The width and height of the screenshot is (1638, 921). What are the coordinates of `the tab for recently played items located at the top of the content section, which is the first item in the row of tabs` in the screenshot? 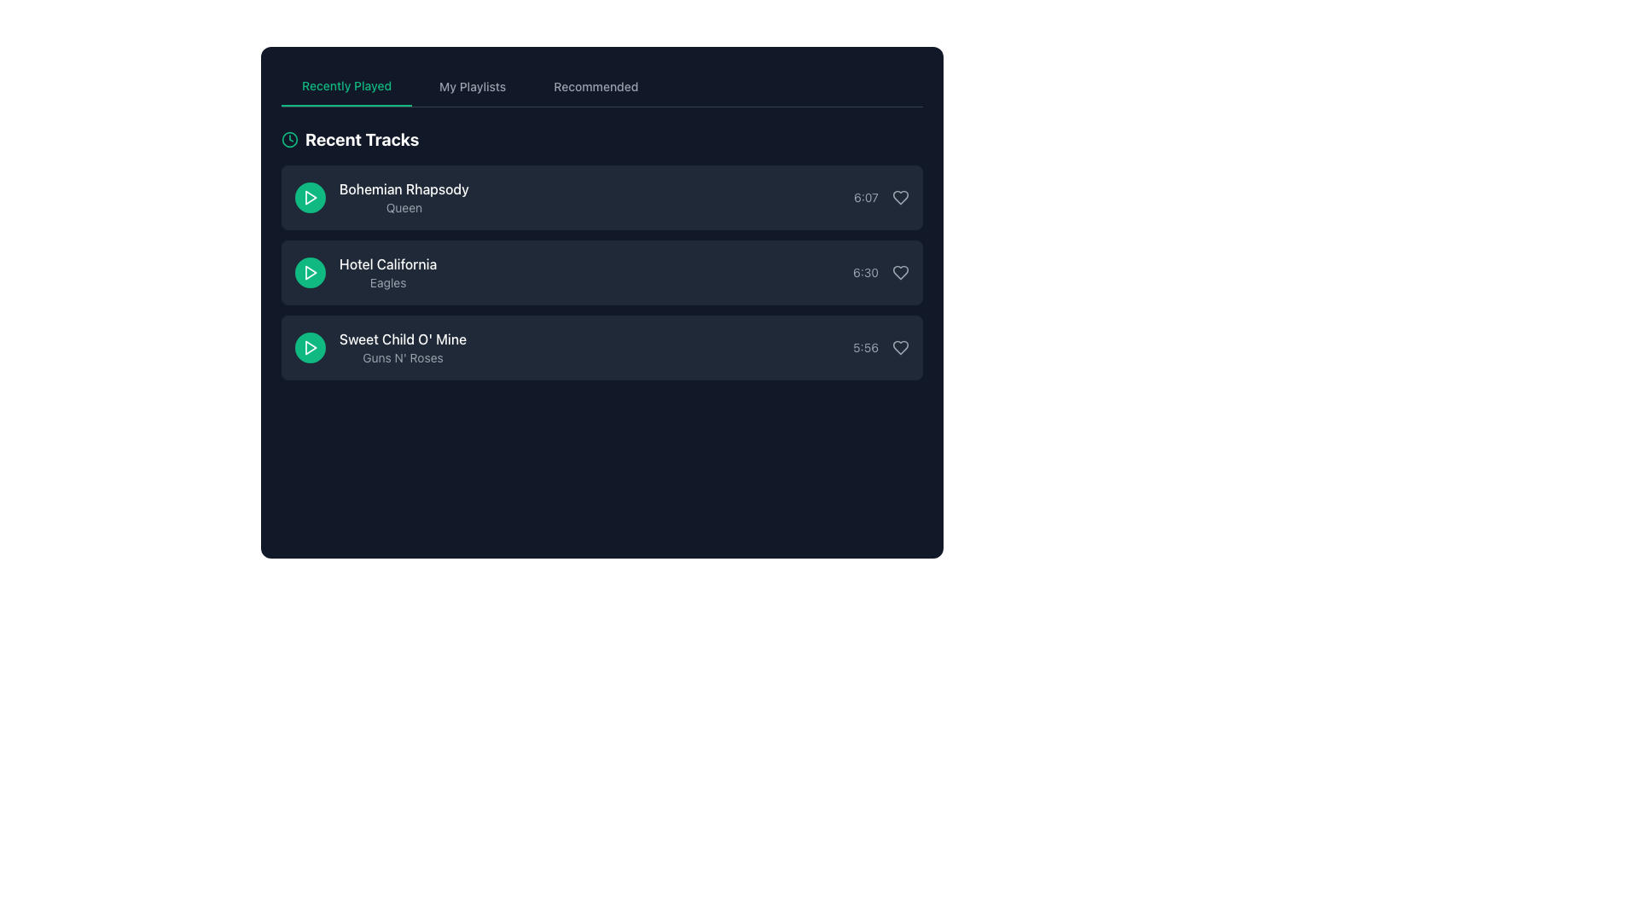 It's located at (346, 86).